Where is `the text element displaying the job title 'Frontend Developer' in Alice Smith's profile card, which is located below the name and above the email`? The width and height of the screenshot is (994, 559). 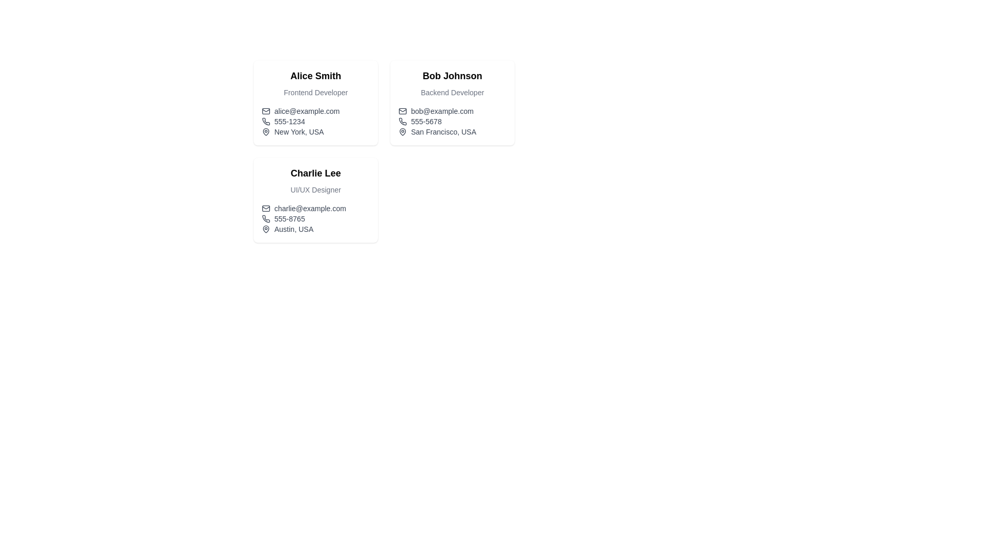
the text element displaying the job title 'Frontend Developer' in Alice Smith's profile card, which is located below the name and above the email is located at coordinates (315, 92).